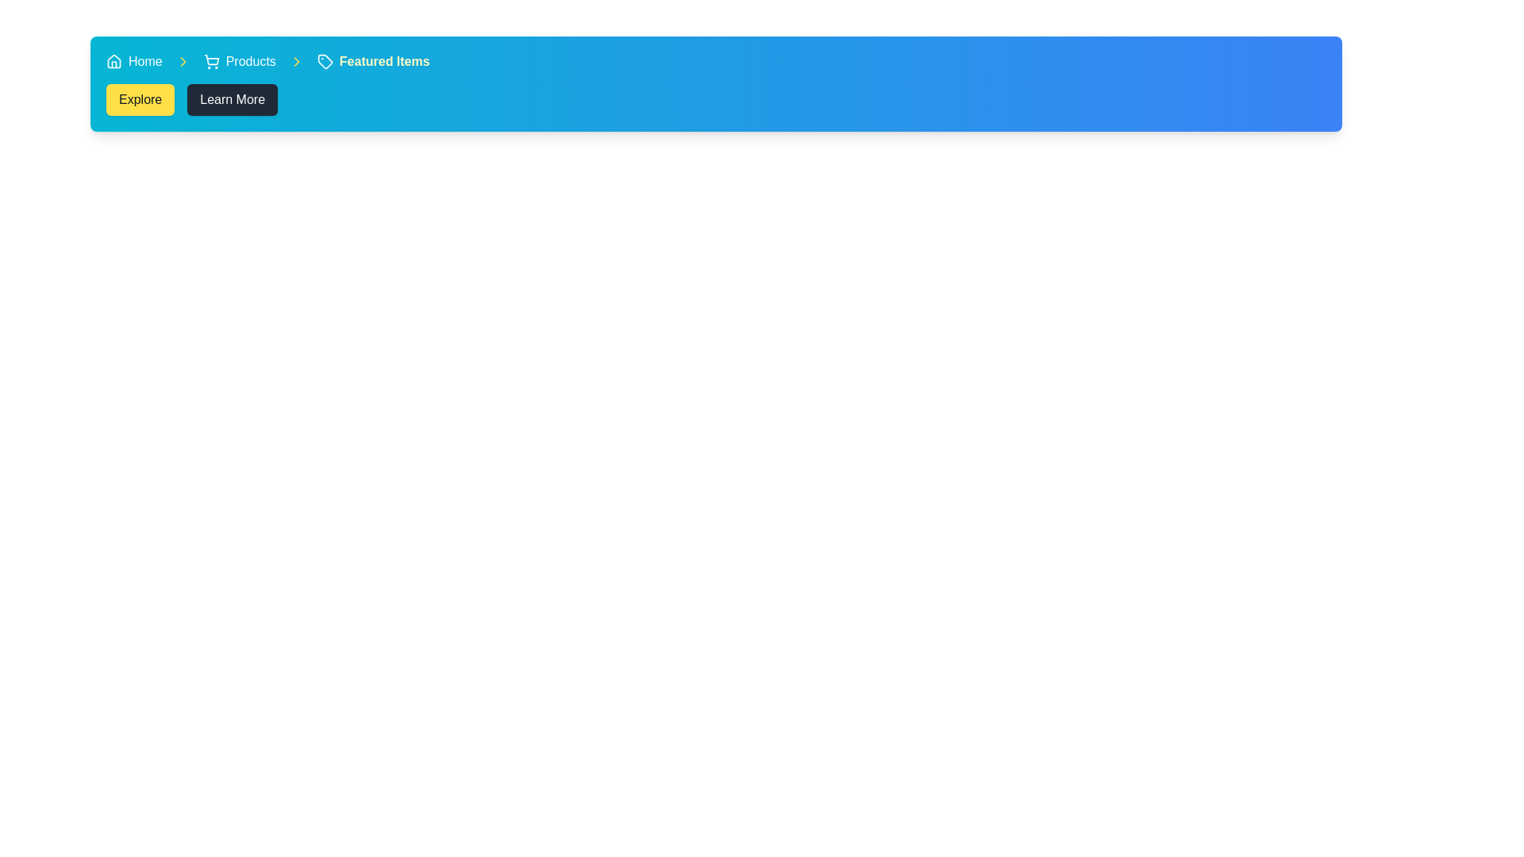 The image size is (1524, 857). I want to click on the tag icon located in the navigation breadcrumb bar before the 'Featured Items' text, so click(324, 60).